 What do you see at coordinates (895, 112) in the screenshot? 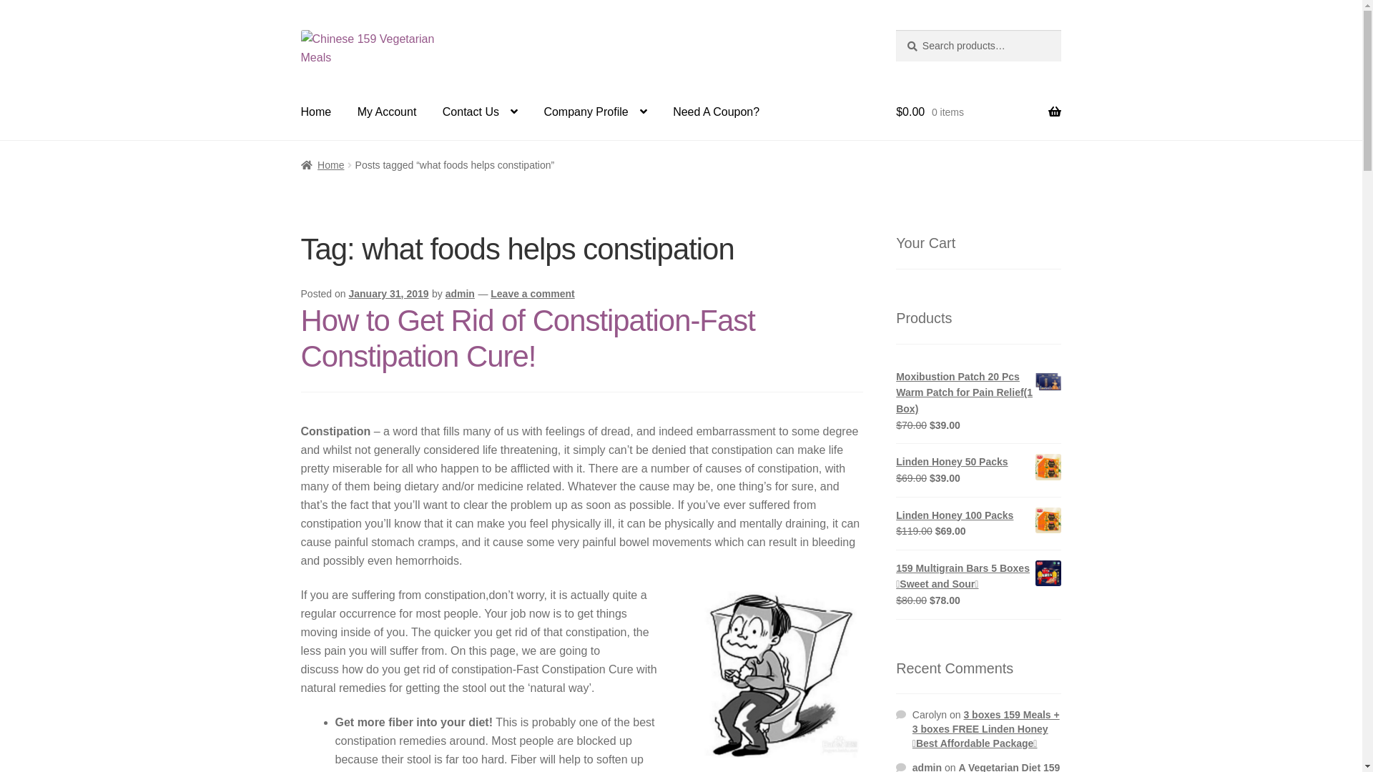
I see `'$0.00 0 items'` at bounding box center [895, 112].